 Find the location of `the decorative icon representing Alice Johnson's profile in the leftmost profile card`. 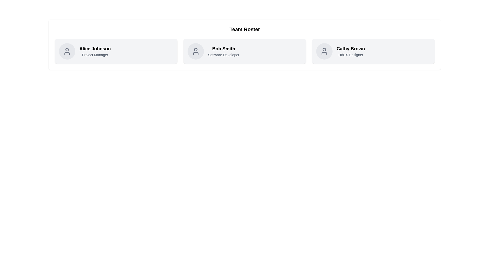

the decorative icon representing Alice Johnson's profile in the leftmost profile card is located at coordinates (67, 51).